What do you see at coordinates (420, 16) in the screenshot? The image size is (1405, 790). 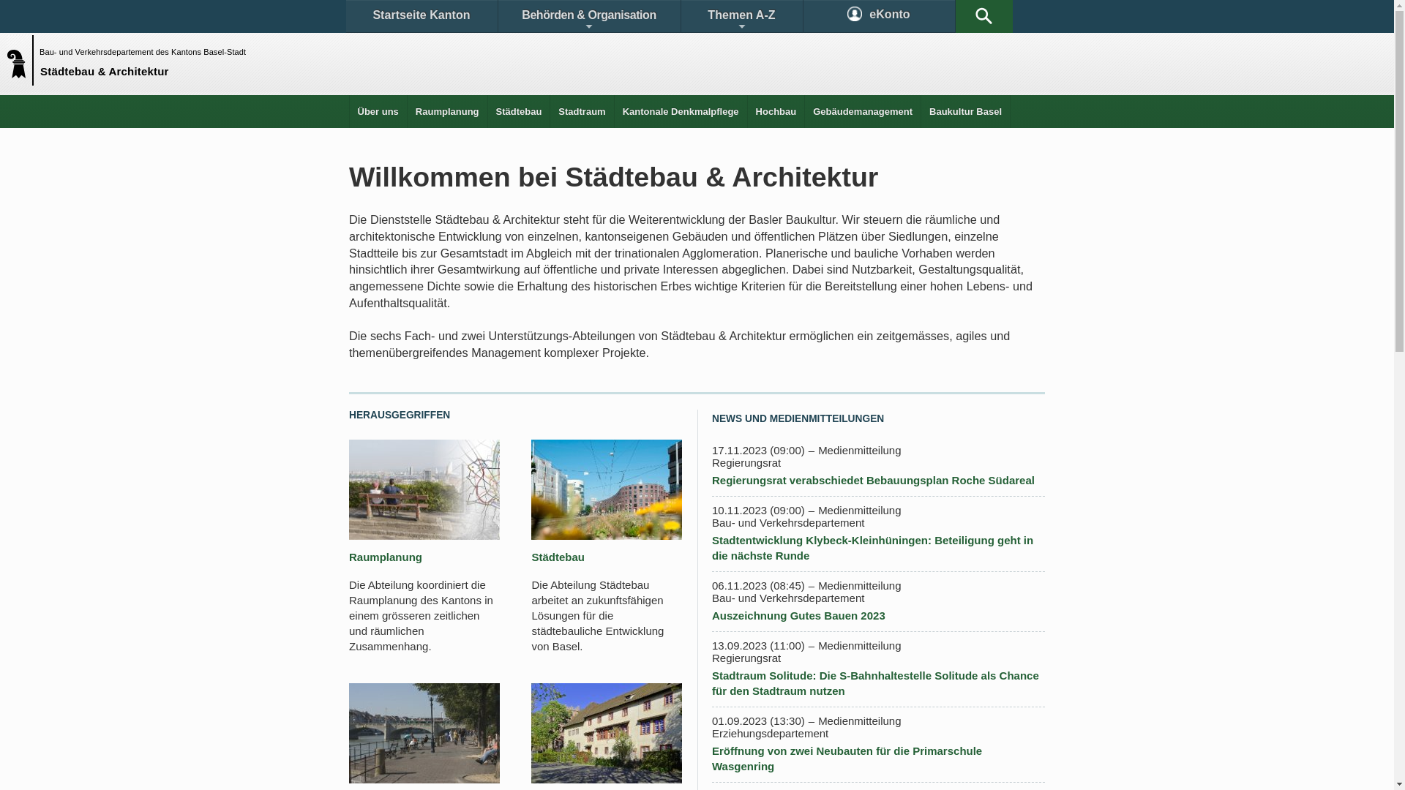 I see `'Startseite Kanton'` at bounding box center [420, 16].